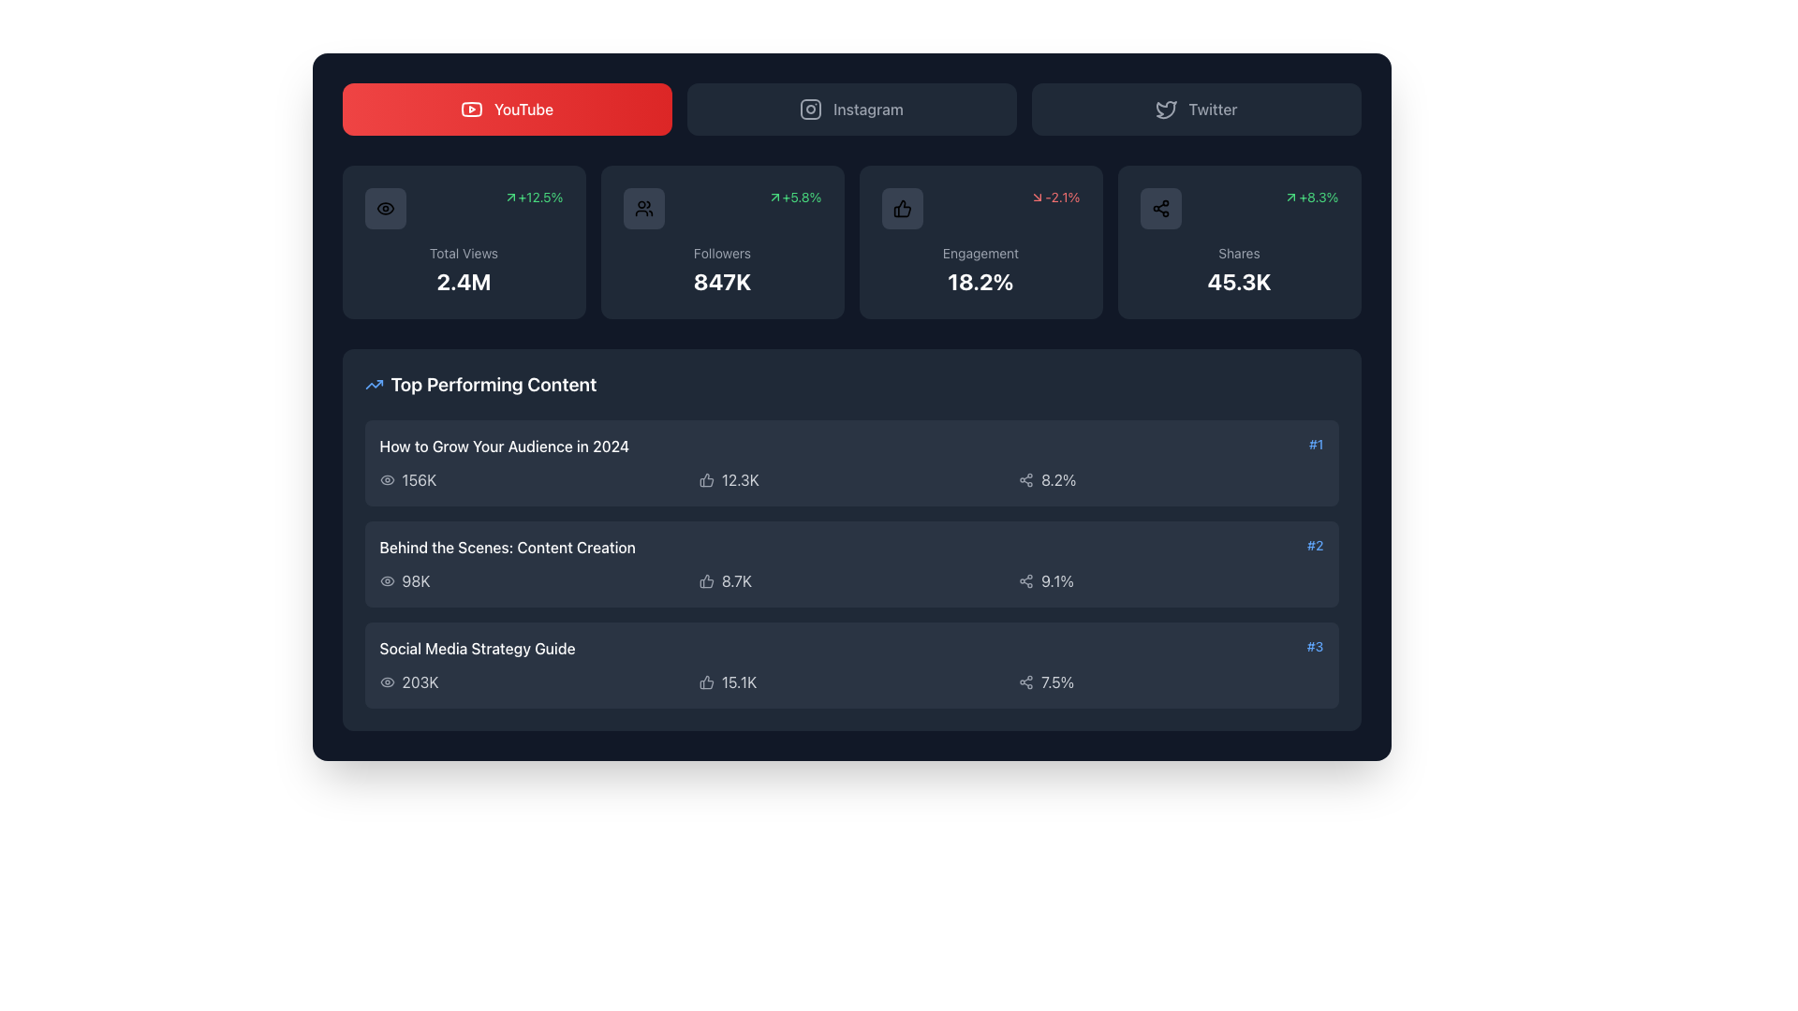  Describe the element at coordinates (1195, 109) in the screenshot. I see `the Twitter interactive button located in the top bar, which is the third item from the left after YouTube and Instagram` at that location.